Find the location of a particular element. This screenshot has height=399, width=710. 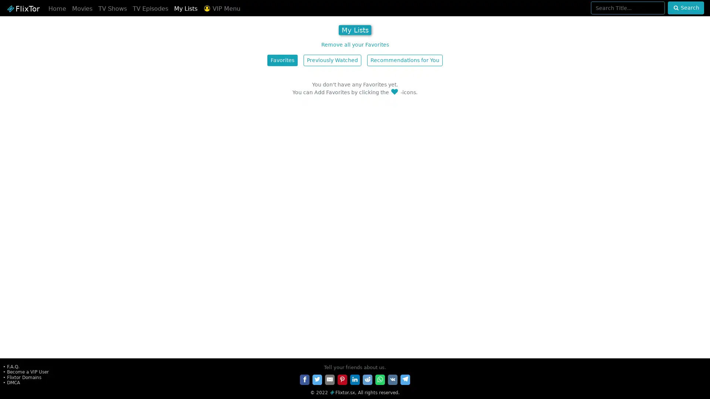

Remove all your Favorites is located at coordinates (354, 45).